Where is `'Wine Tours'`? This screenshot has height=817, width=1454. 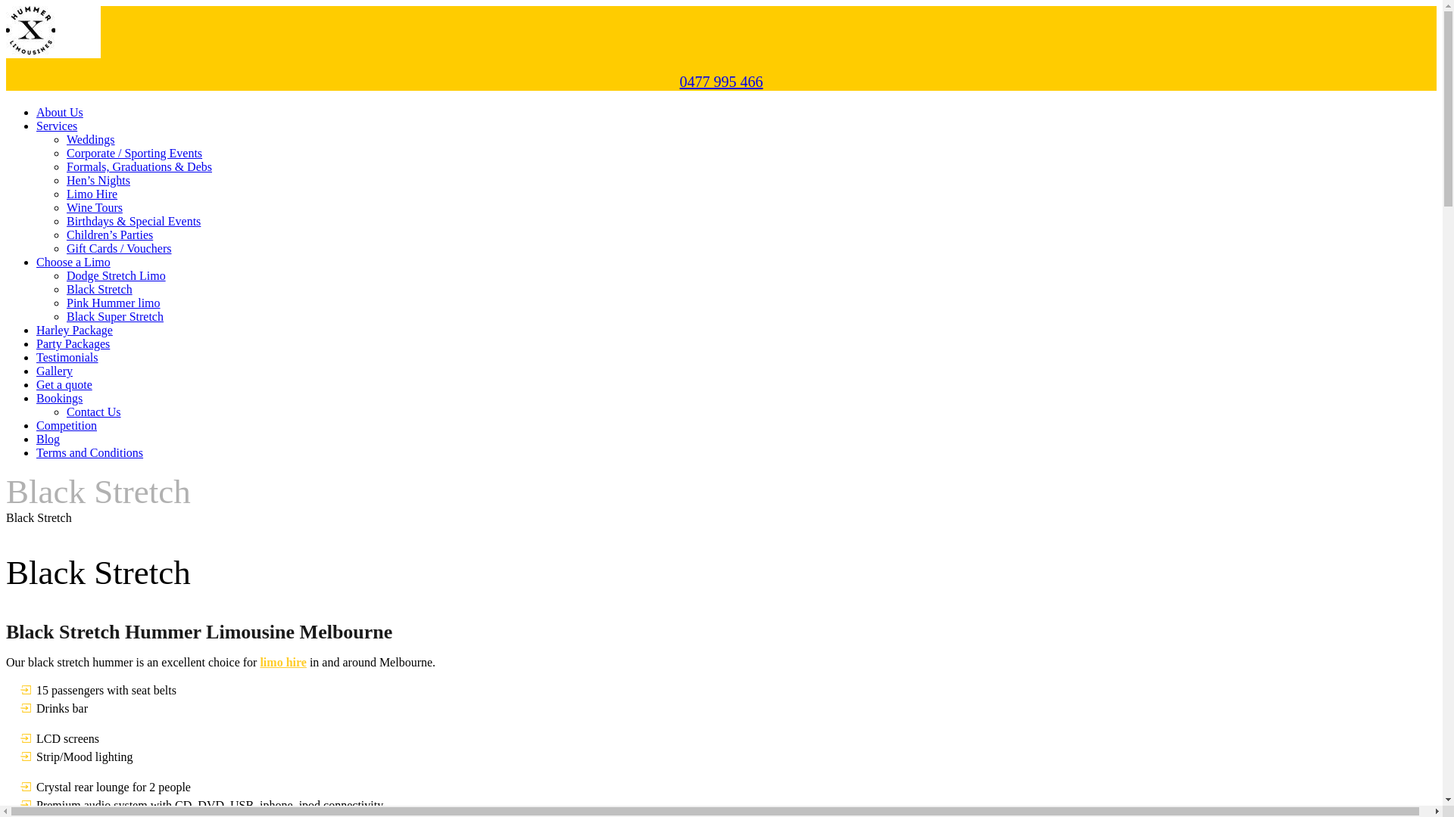 'Wine Tours' is located at coordinates (93, 207).